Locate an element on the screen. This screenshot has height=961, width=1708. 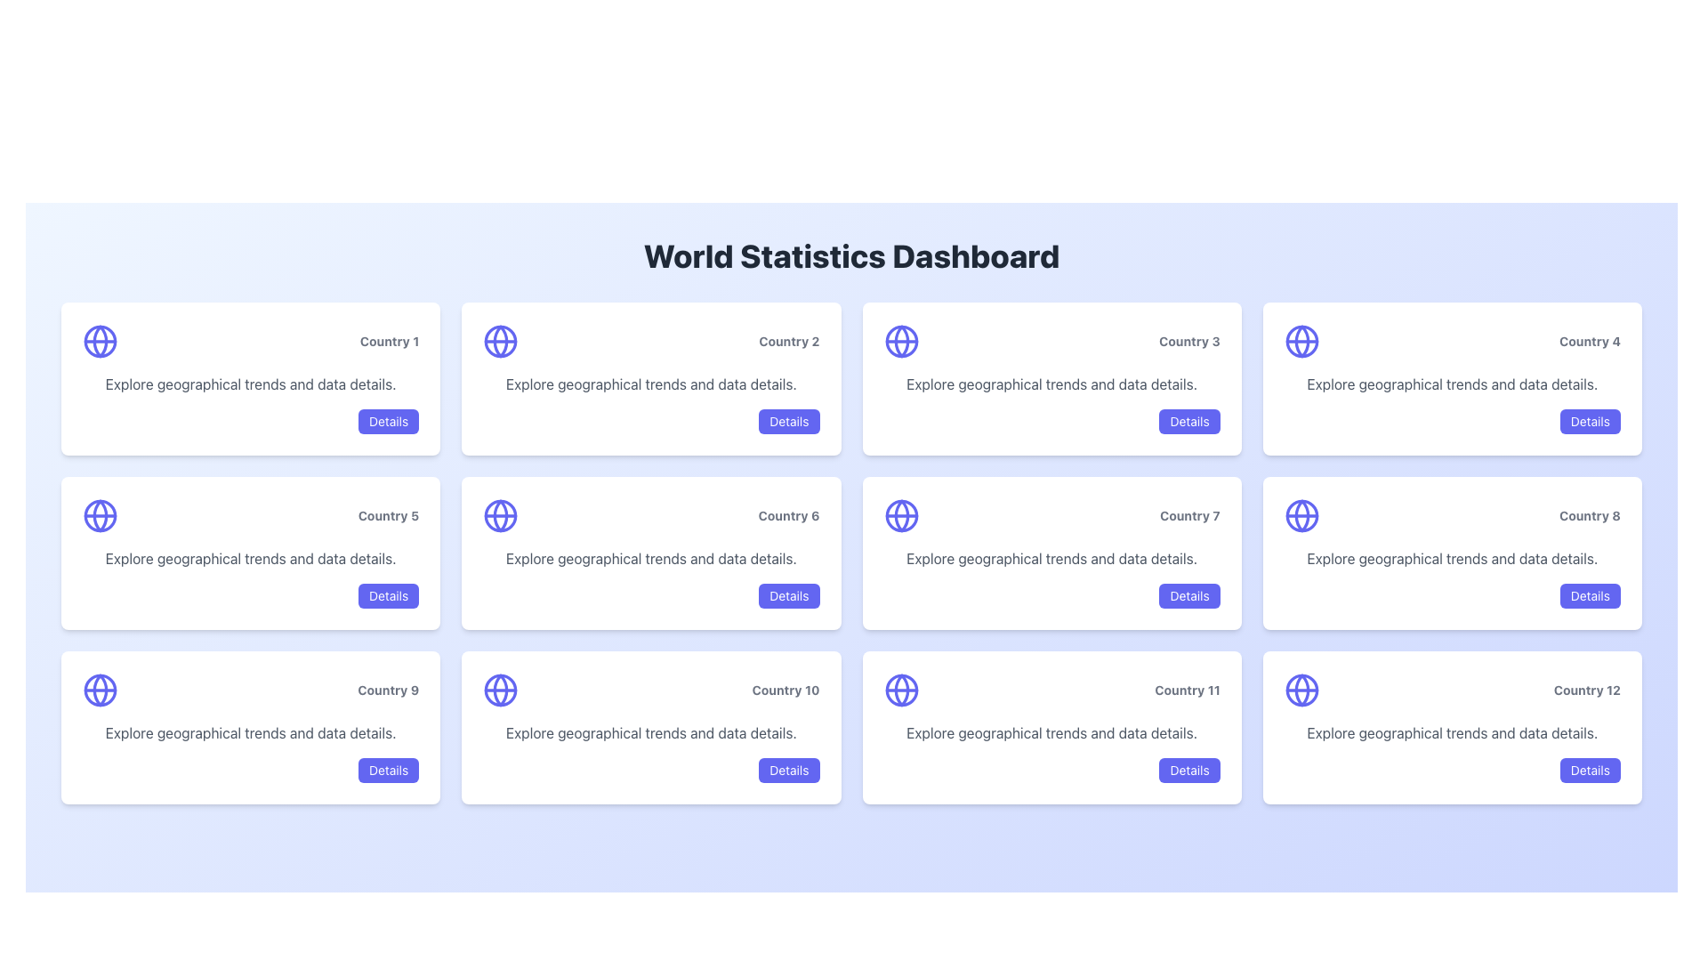
the static descriptive text label displaying 'Explore geographical trends and data details.' located in the eighth item card labeled 'Country 8' is located at coordinates (1452, 558).